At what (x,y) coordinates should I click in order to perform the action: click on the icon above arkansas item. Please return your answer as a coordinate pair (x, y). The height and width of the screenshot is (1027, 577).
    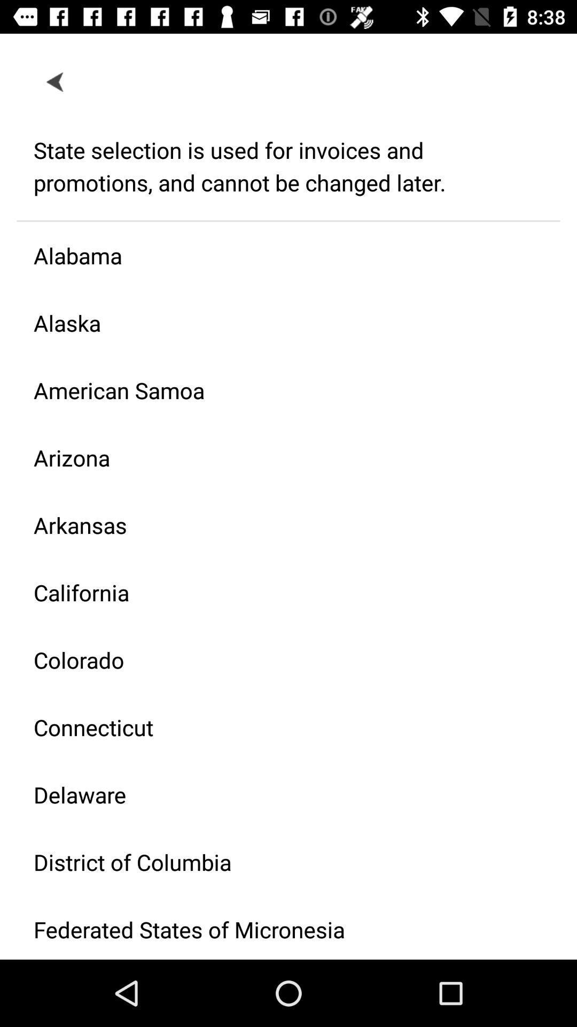
    Looking at the image, I should click on (279, 457).